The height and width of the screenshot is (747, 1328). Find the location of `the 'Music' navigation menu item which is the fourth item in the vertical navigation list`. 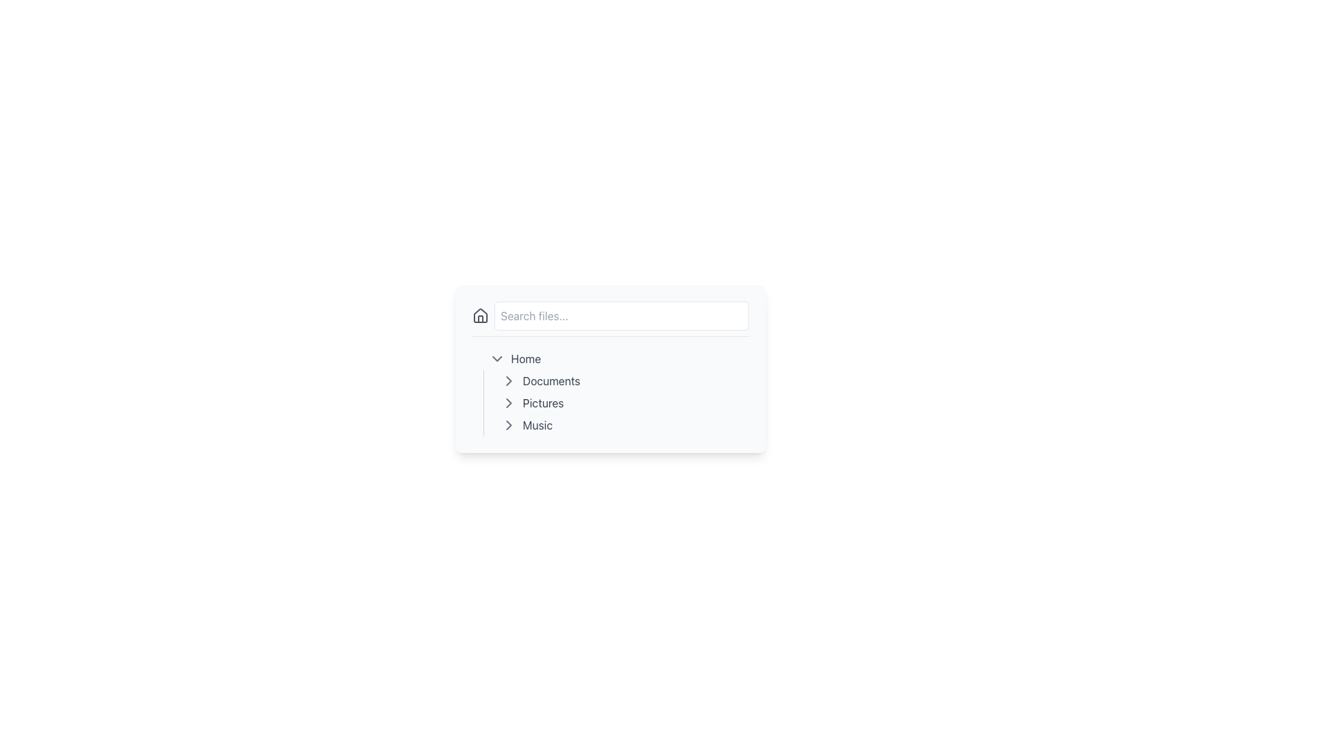

the 'Music' navigation menu item which is the fourth item in the vertical navigation list is located at coordinates (621, 424).